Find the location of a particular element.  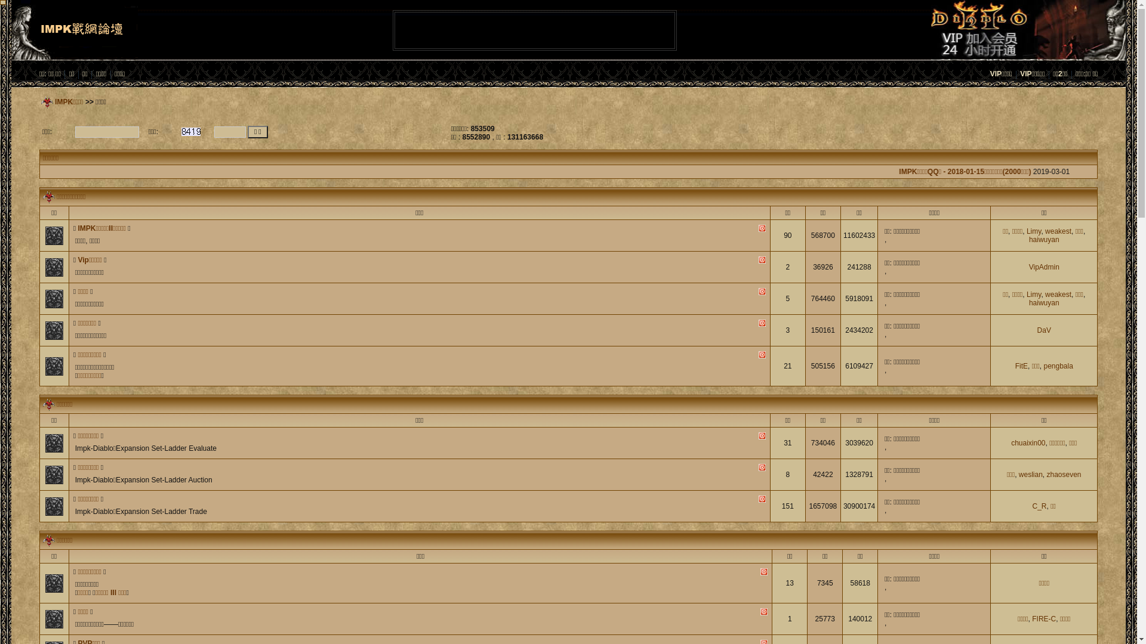

'FitE' is located at coordinates (1021, 365).